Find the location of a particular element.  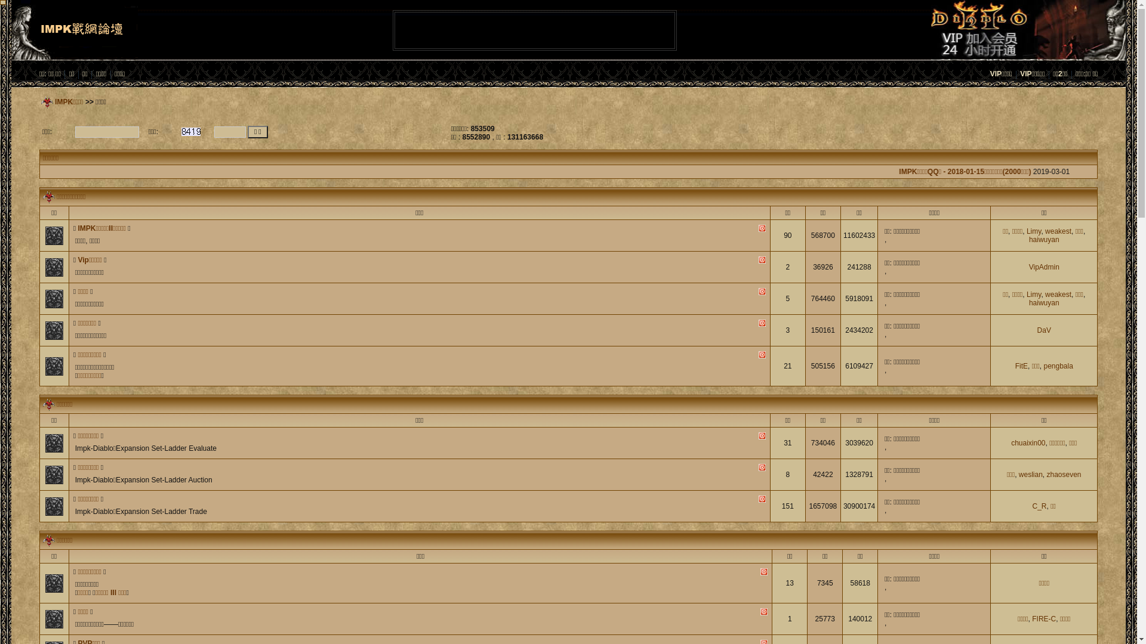

'FitE' is located at coordinates (1021, 365).